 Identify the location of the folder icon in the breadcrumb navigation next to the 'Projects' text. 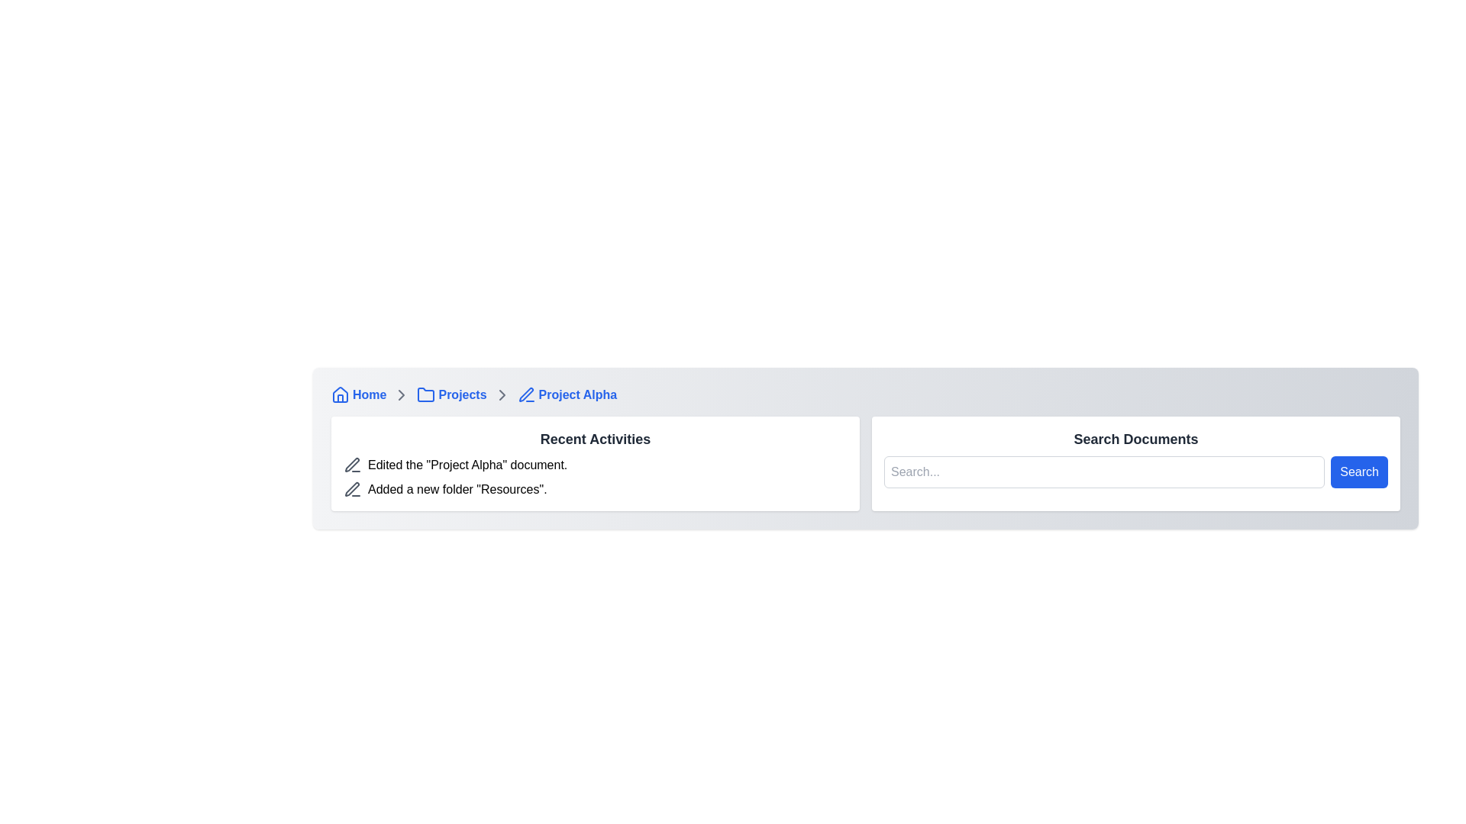
(425, 394).